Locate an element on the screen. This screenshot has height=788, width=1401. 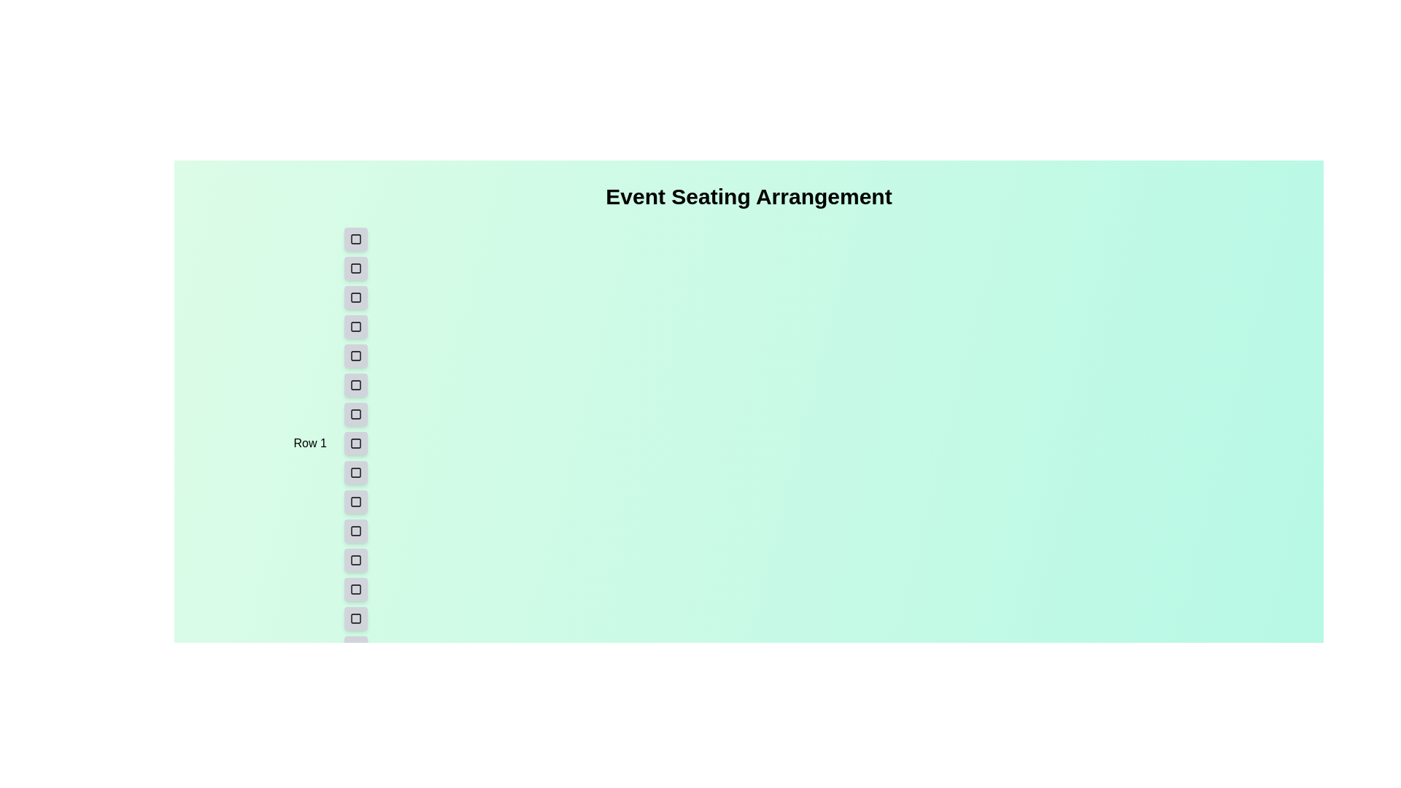
the header text 'Event Seating Arrangement' is located at coordinates (749, 197).